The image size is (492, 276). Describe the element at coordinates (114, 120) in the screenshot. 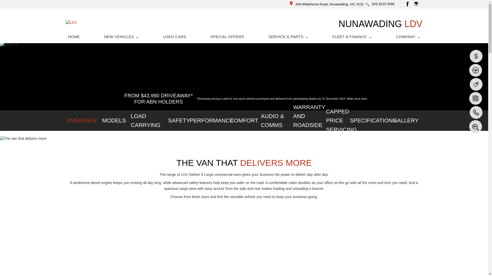

I see `'MODELS'` at that location.